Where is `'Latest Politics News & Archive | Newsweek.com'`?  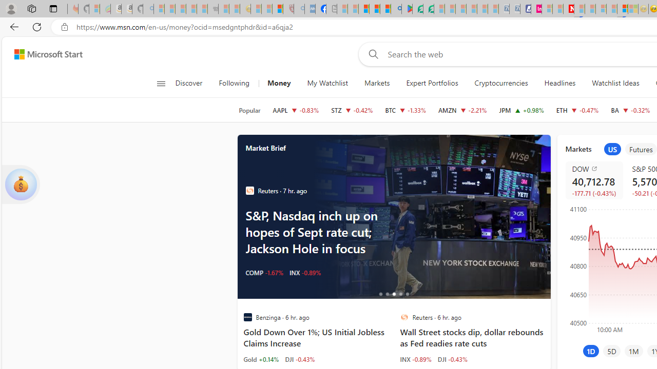
'Latest Politics News & Archive | Newsweek.com' is located at coordinates (568, 9).